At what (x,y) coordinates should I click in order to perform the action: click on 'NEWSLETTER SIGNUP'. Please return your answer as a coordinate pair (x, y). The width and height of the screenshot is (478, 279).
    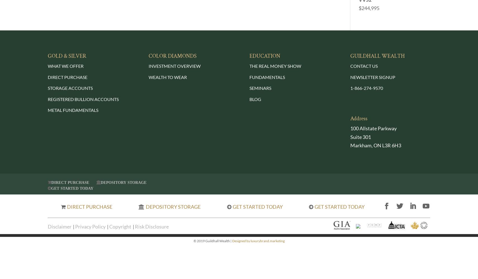
    Looking at the image, I should click on (372, 77).